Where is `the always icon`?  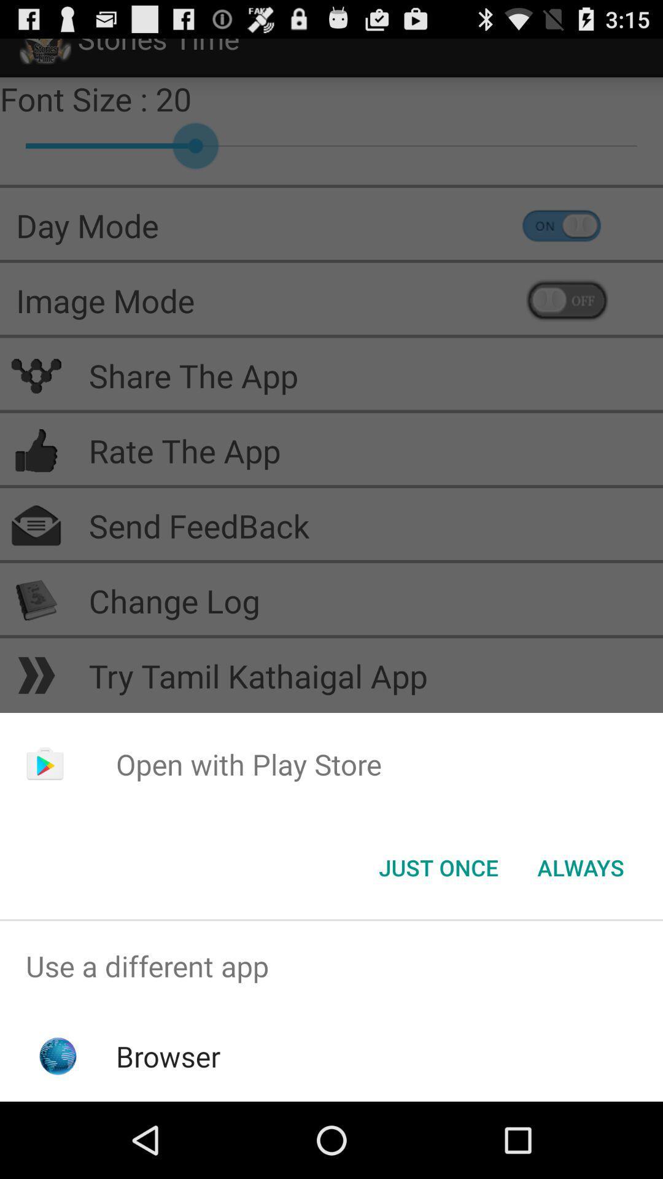 the always icon is located at coordinates (580, 866).